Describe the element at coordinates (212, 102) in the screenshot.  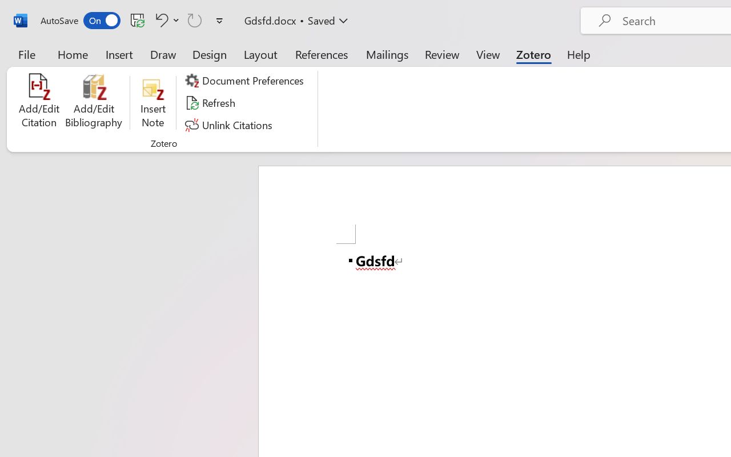
I see `'Refresh'` at that location.